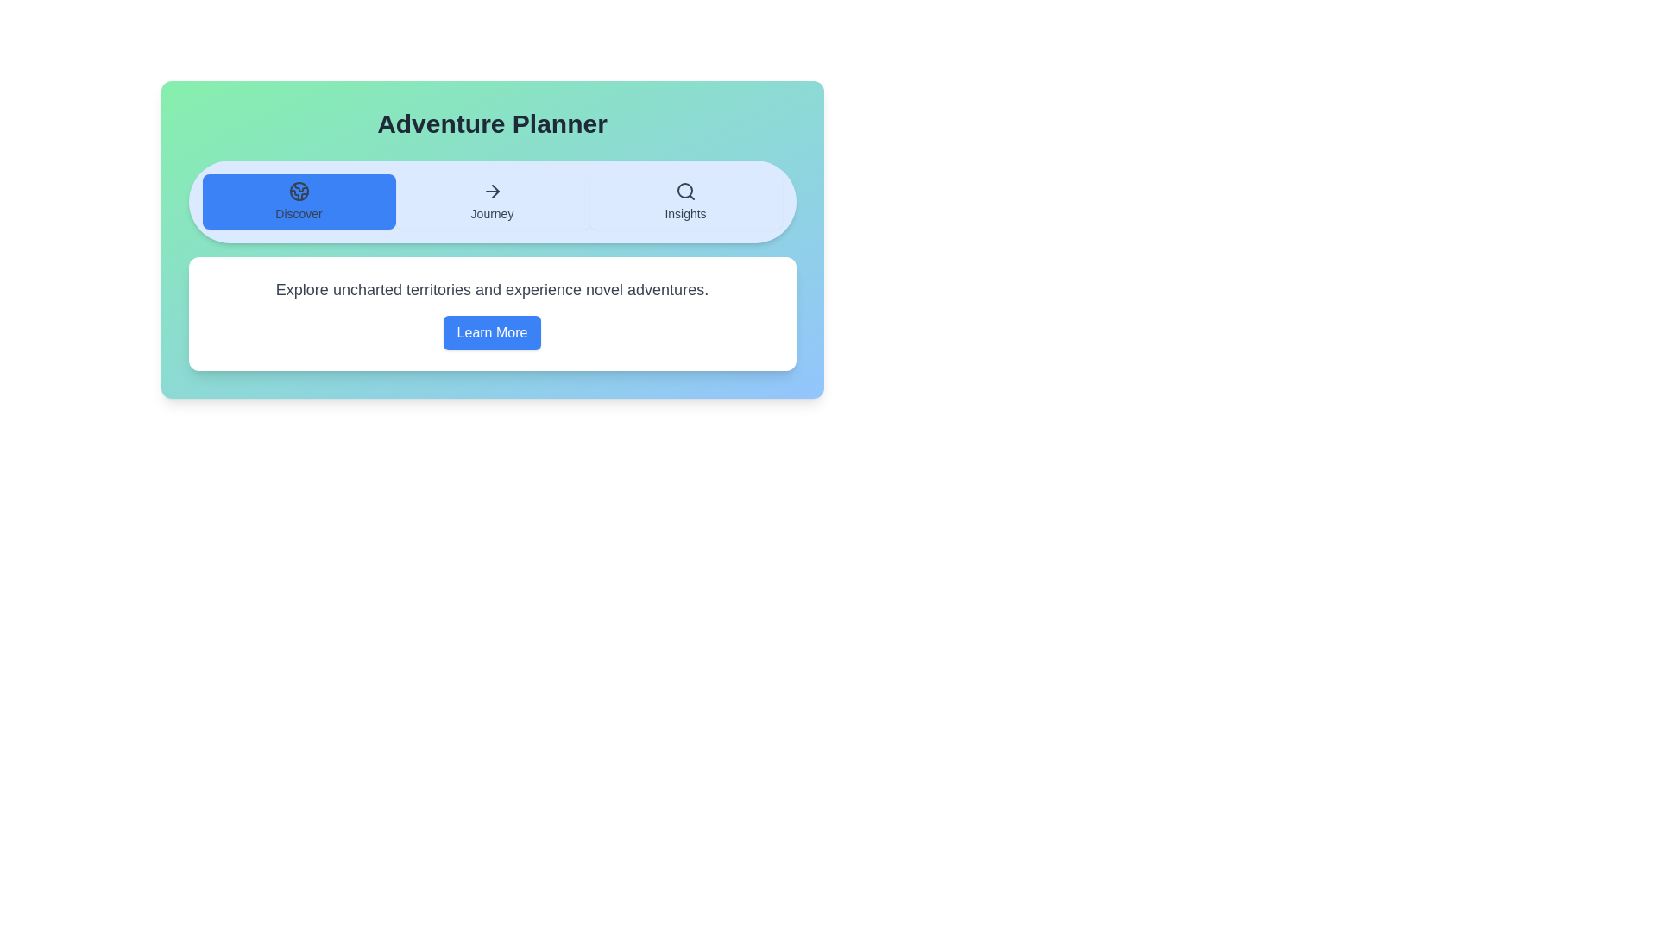 The image size is (1657, 932). Describe the element at coordinates (299, 192) in the screenshot. I see `the decorative icon within the 'Discover' button located at the top-left section of the interface` at that location.